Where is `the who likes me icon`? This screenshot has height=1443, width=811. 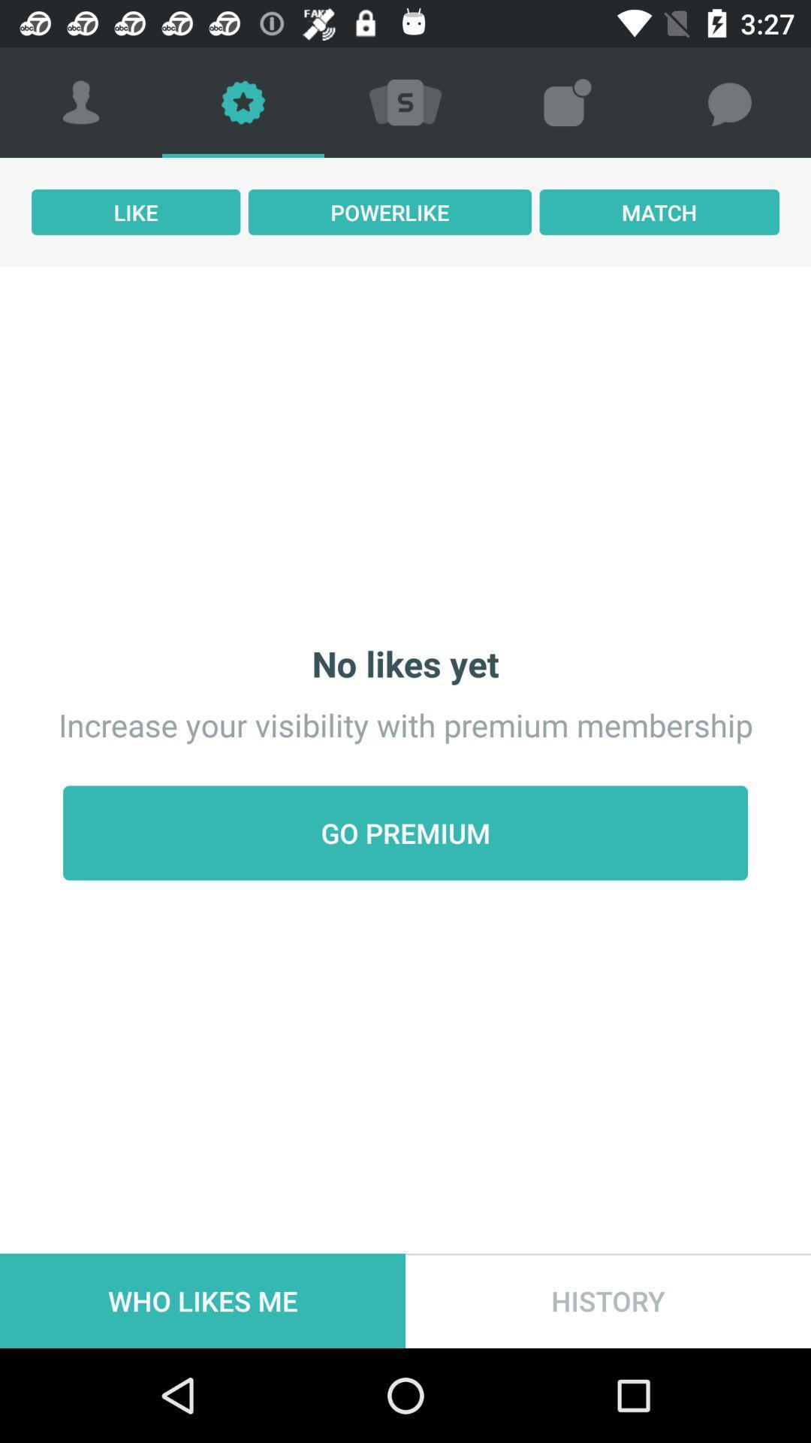 the who likes me icon is located at coordinates (203, 1300).